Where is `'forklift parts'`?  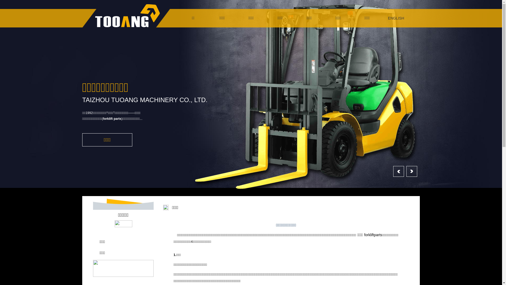 'forklift parts' is located at coordinates (112, 119).